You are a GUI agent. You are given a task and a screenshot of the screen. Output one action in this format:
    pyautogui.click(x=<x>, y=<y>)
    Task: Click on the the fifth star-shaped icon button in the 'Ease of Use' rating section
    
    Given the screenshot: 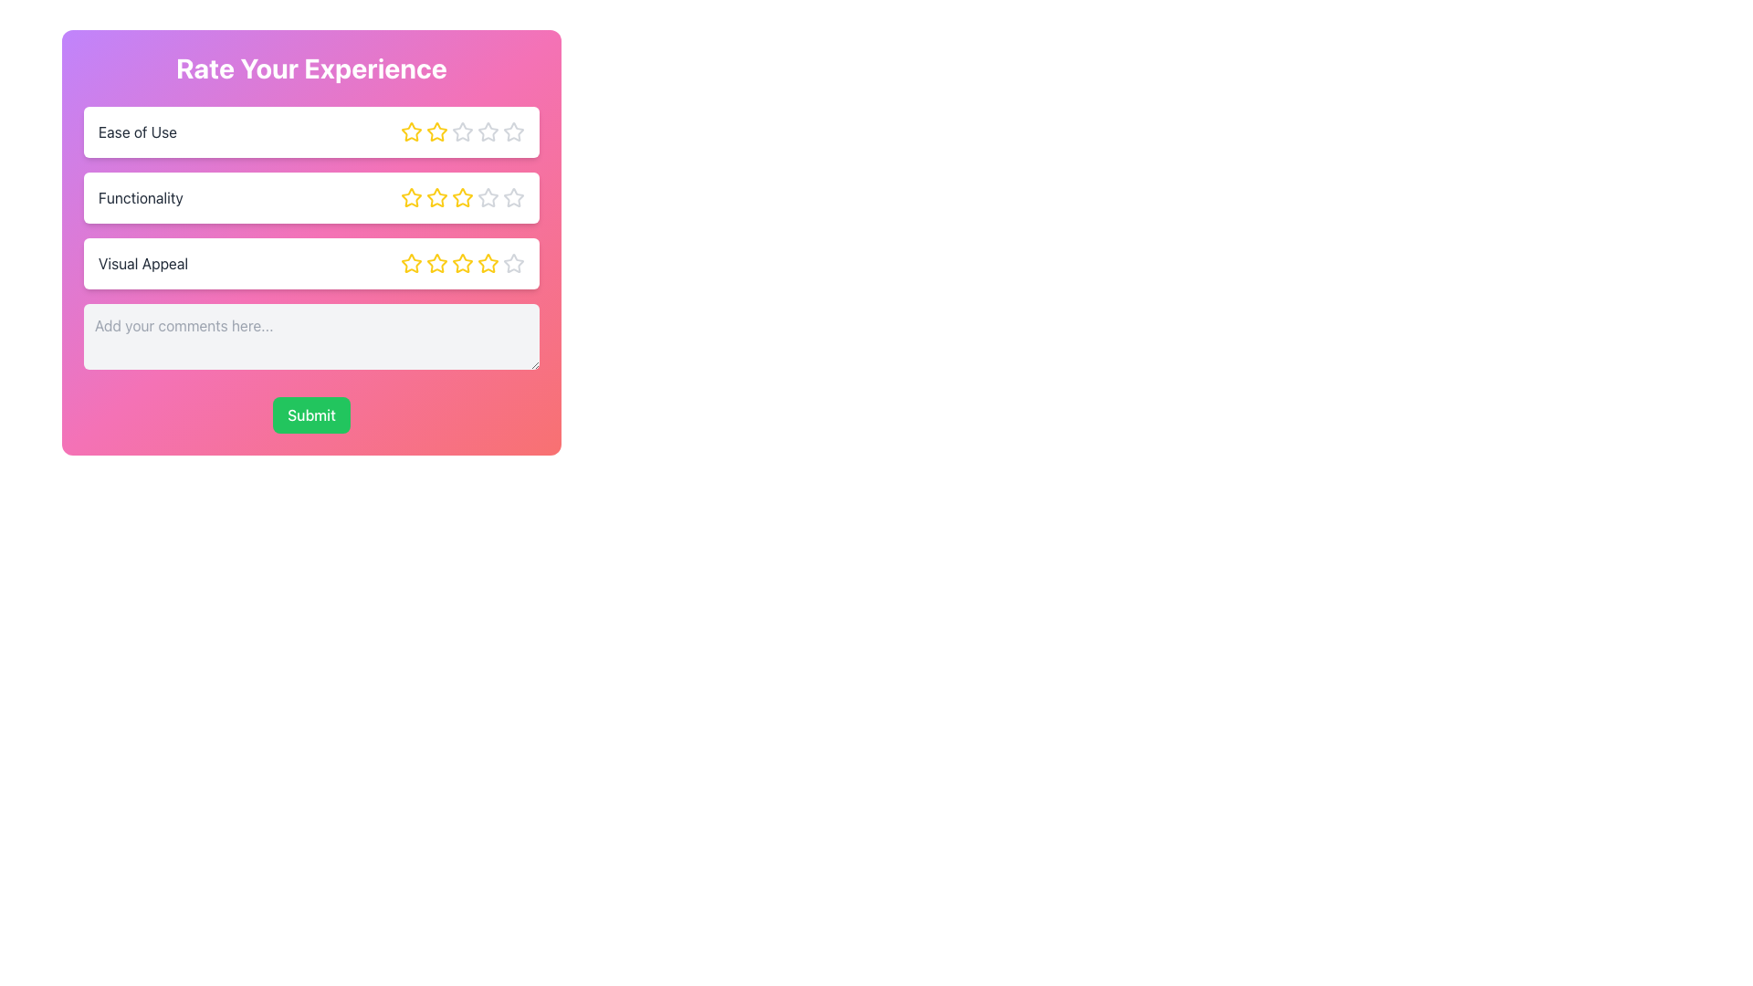 What is the action you would take?
    pyautogui.click(x=512, y=131)
    